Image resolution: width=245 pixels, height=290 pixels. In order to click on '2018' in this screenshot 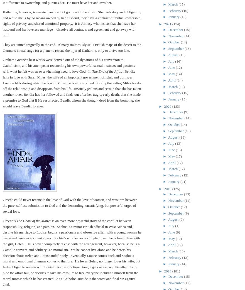, I will do `click(163, 271)`.